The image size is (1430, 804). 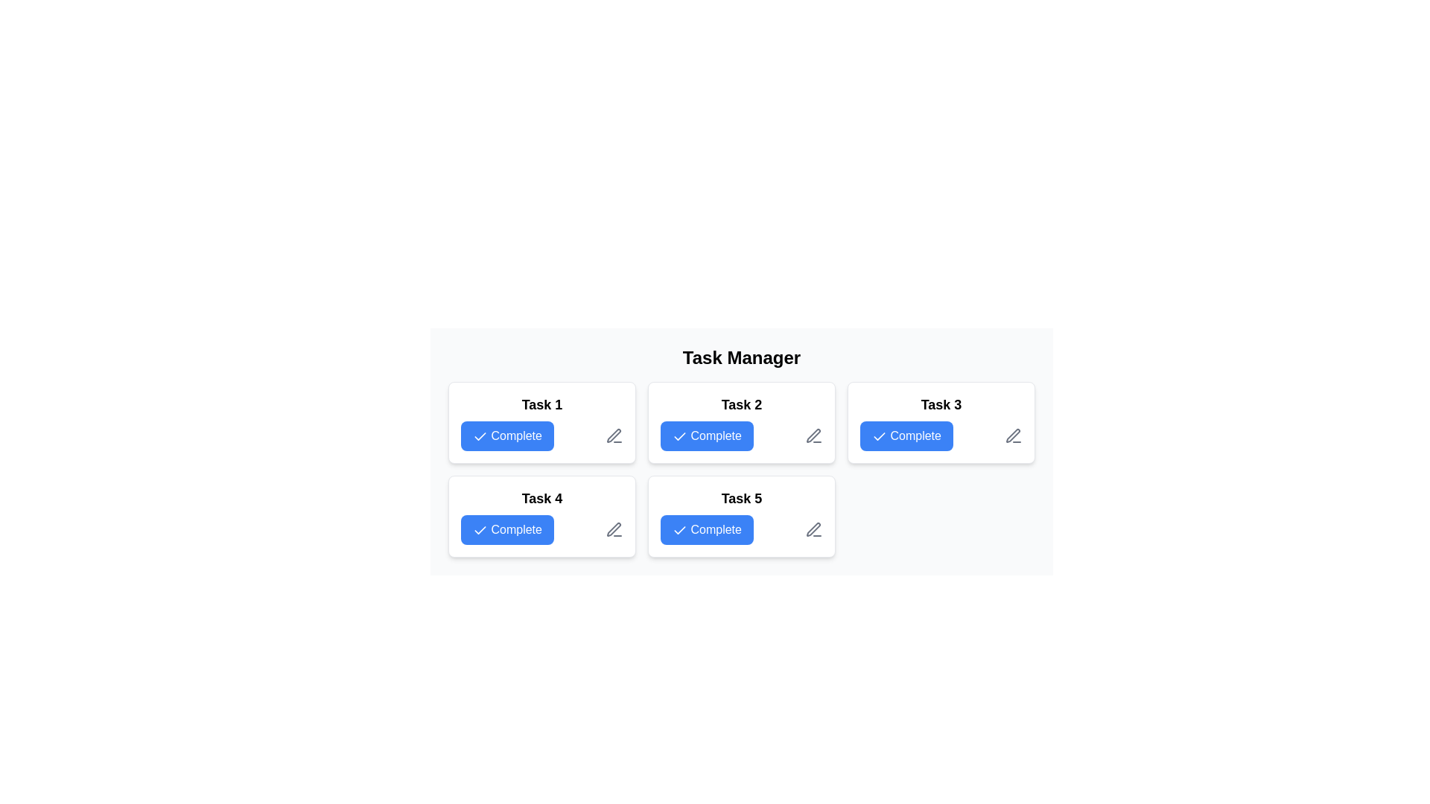 I want to click on the checkmark icon embedded within the 'Complete' button for 'Task 1' located in the top-left section of the grid layout, so click(x=480, y=435).